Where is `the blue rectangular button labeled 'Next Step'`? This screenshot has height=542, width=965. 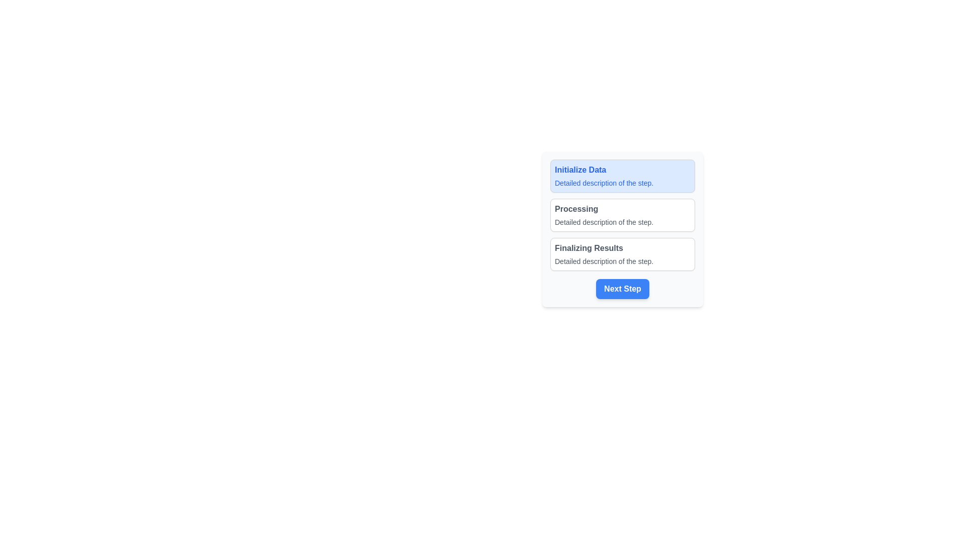
the blue rectangular button labeled 'Next Step' is located at coordinates (622, 289).